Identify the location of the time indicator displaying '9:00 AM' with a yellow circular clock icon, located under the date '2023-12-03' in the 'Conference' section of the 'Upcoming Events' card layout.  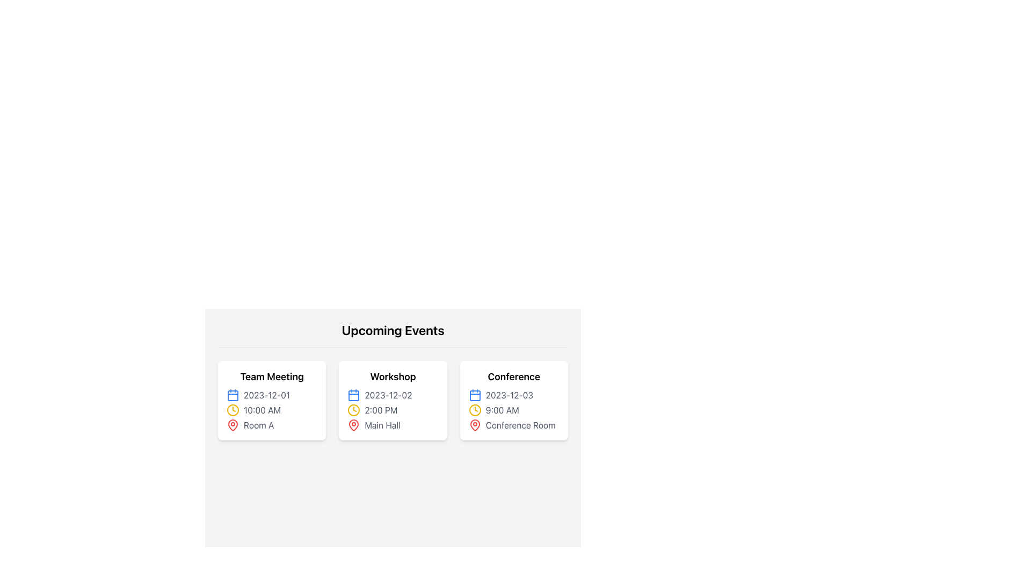
(513, 410).